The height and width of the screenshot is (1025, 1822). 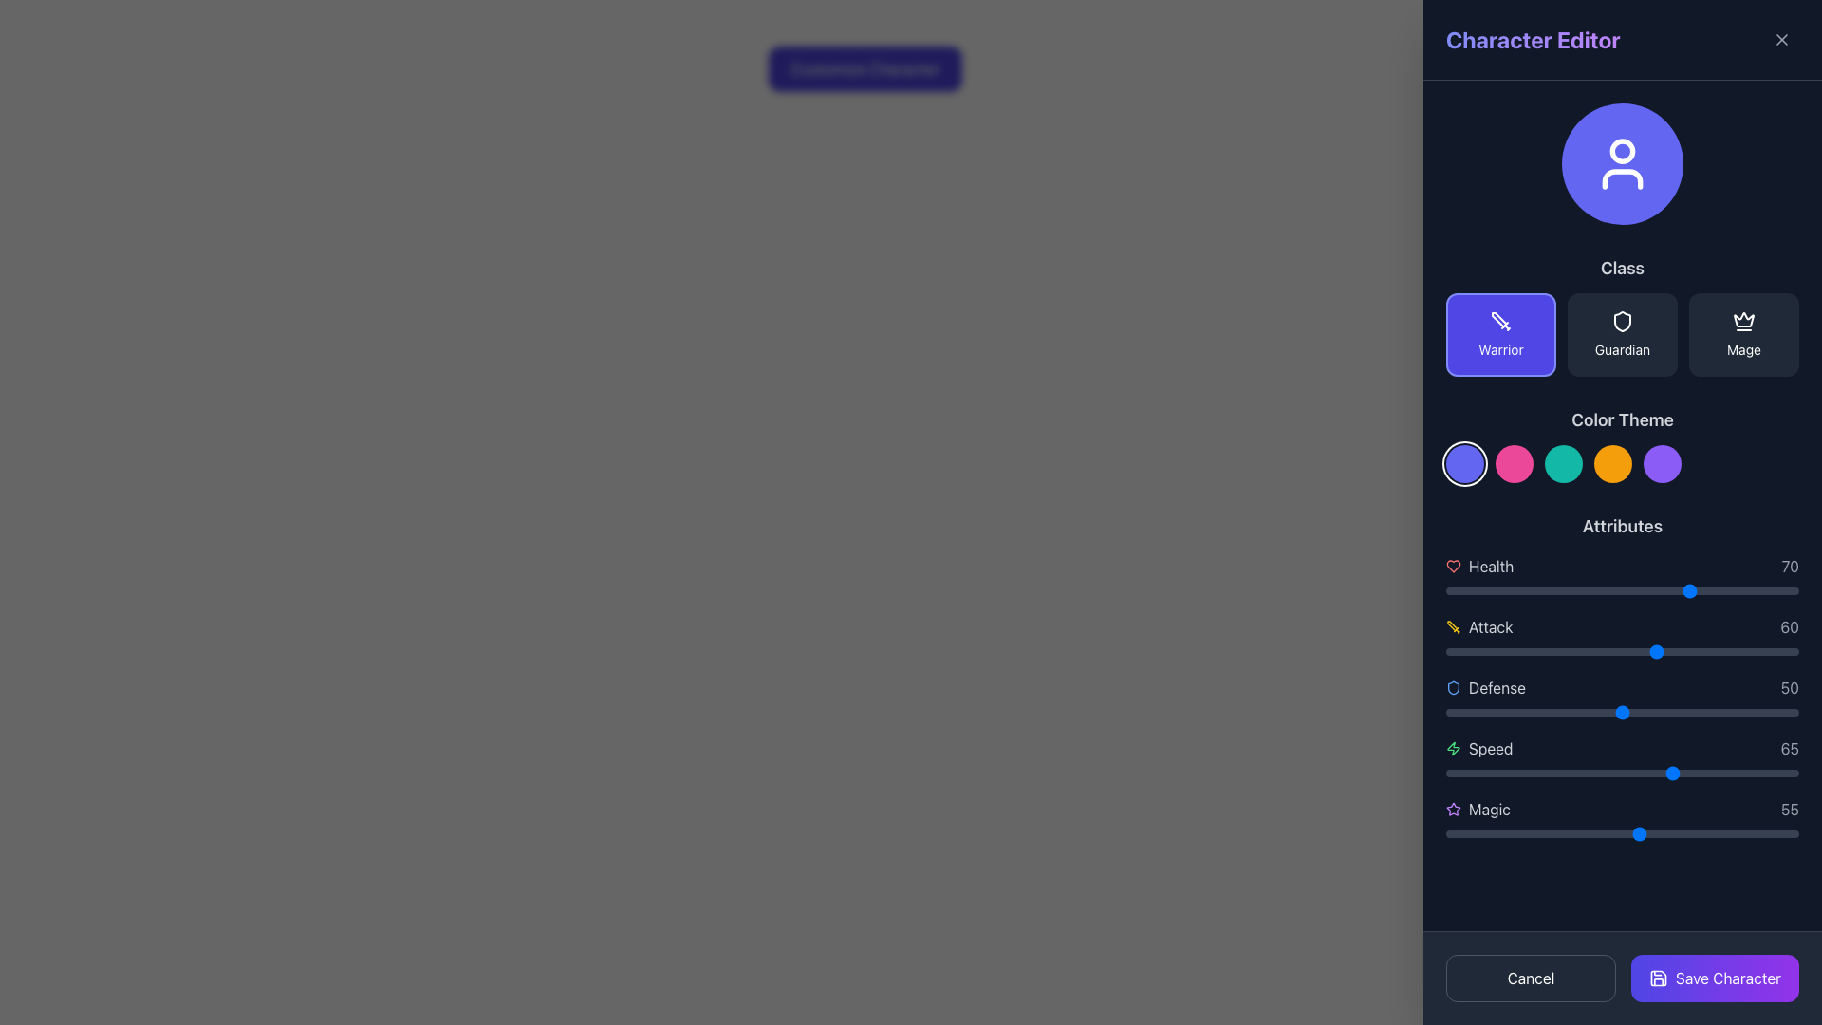 What do you see at coordinates (1660, 650) in the screenshot?
I see `the 'Attack' attribute slider` at bounding box center [1660, 650].